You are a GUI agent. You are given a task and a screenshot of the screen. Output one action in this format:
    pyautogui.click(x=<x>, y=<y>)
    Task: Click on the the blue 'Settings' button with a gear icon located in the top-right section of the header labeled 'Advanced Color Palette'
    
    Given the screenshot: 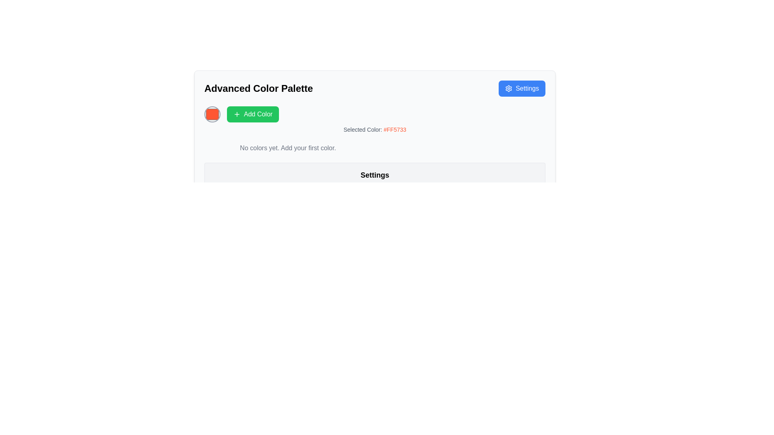 What is the action you would take?
    pyautogui.click(x=522, y=88)
    